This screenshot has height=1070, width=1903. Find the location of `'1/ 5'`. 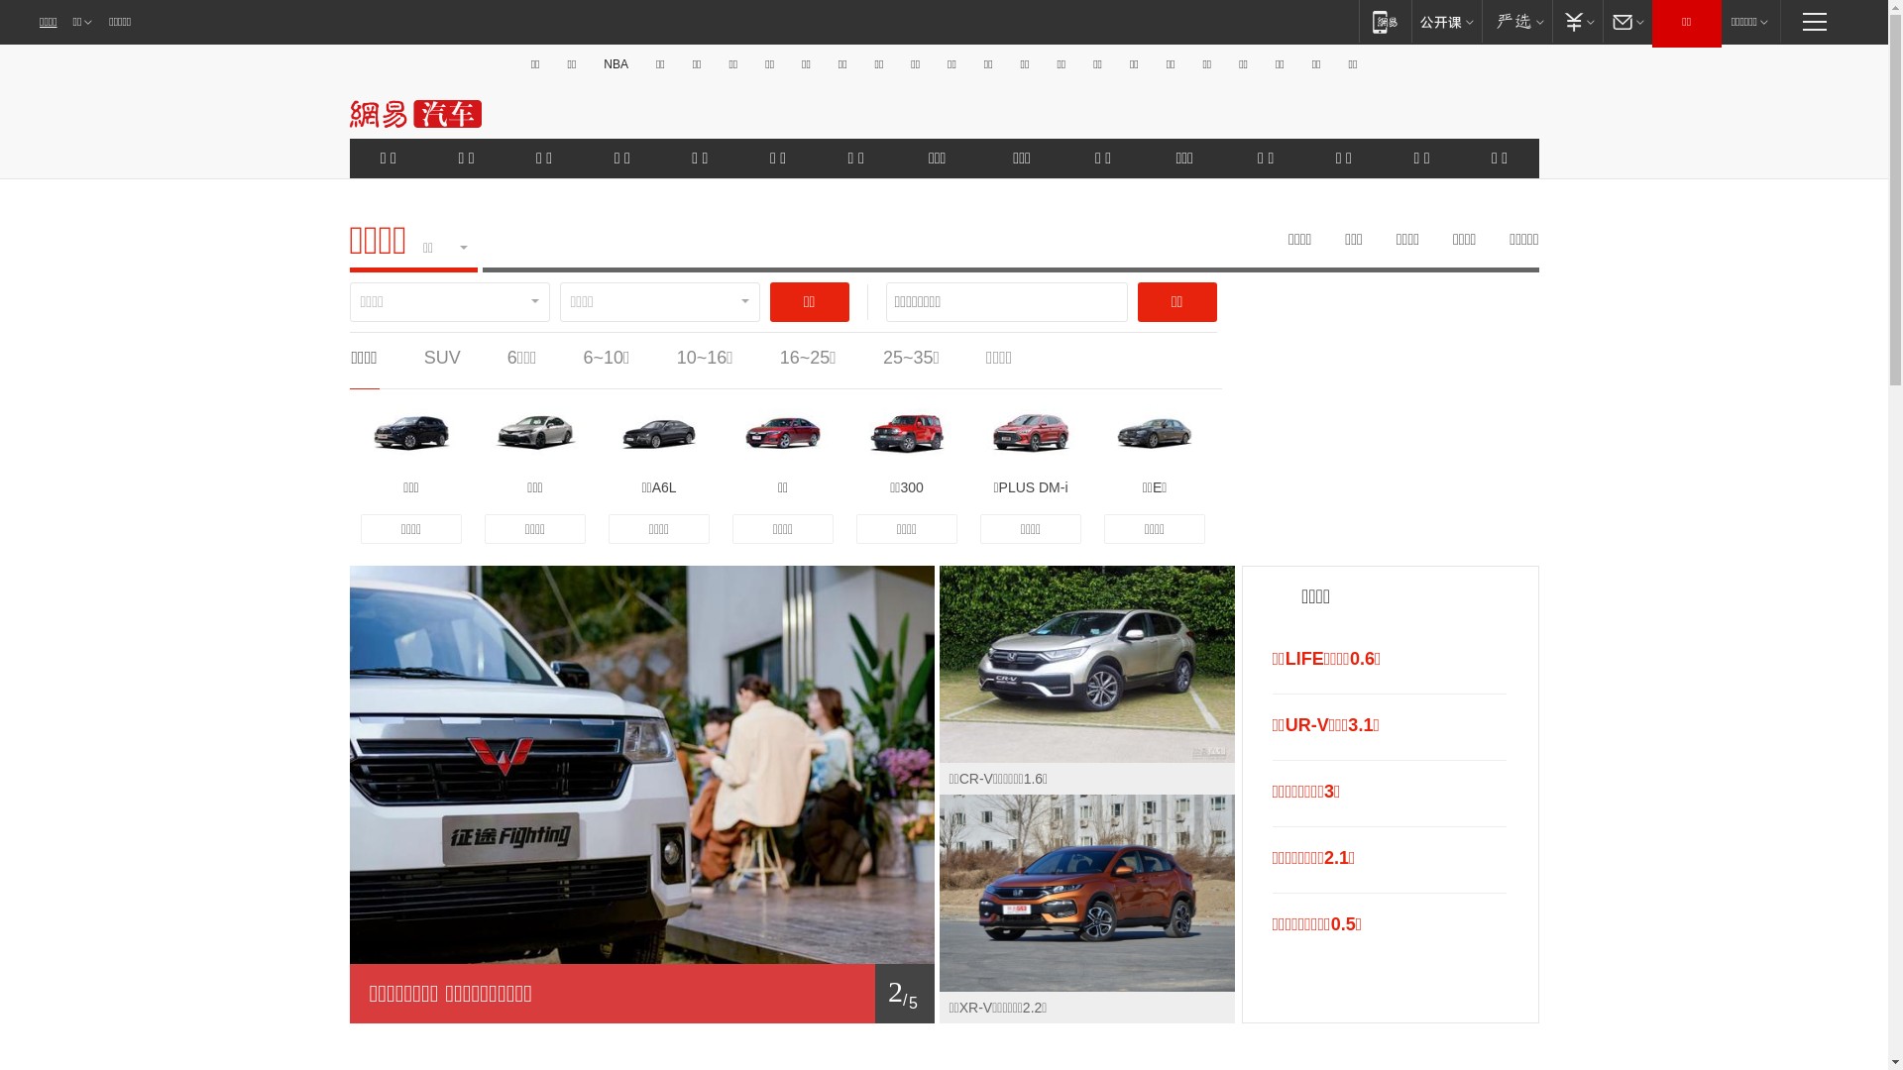

'1/ 5' is located at coordinates (641, 993).